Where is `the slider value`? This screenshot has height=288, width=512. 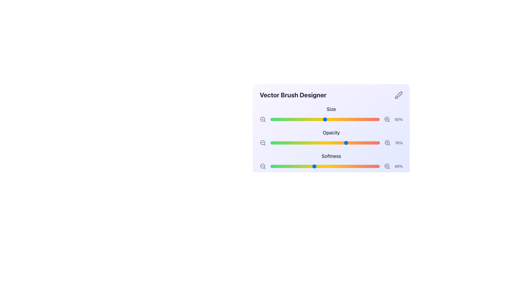
the slider value is located at coordinates (302, 119).